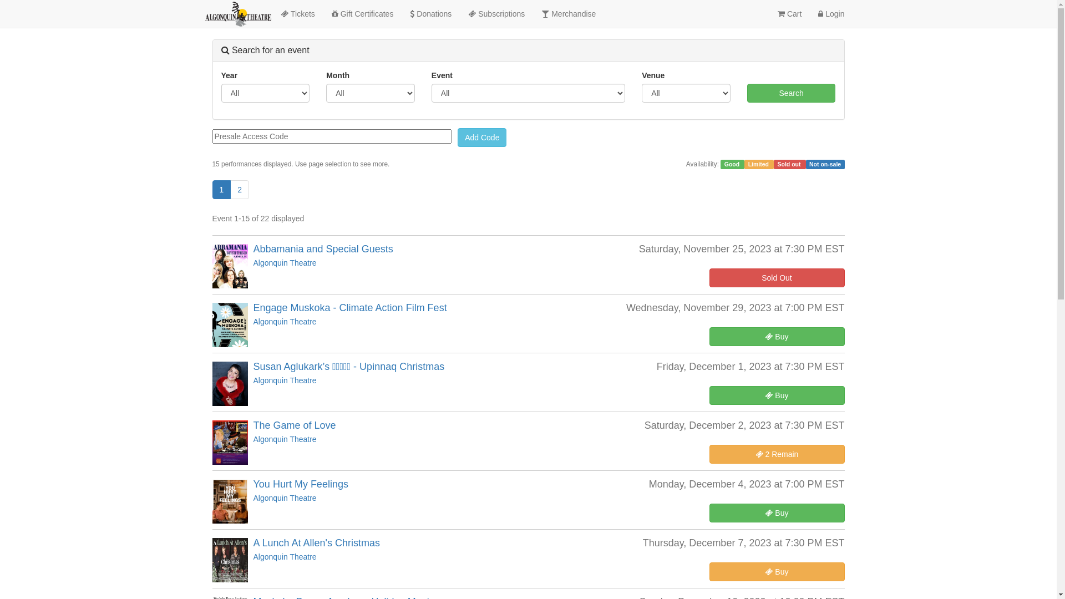 This screenshot has width=1065, height=599. What do you see at coordinates (239, 189) in the screenshot?
I see `'2'` at bounding box center [239, 189].